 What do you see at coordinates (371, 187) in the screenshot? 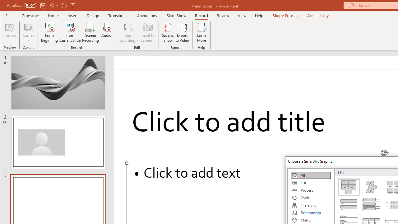
I see `'Alternating Hexagons'` at bounding box center [371, 187].